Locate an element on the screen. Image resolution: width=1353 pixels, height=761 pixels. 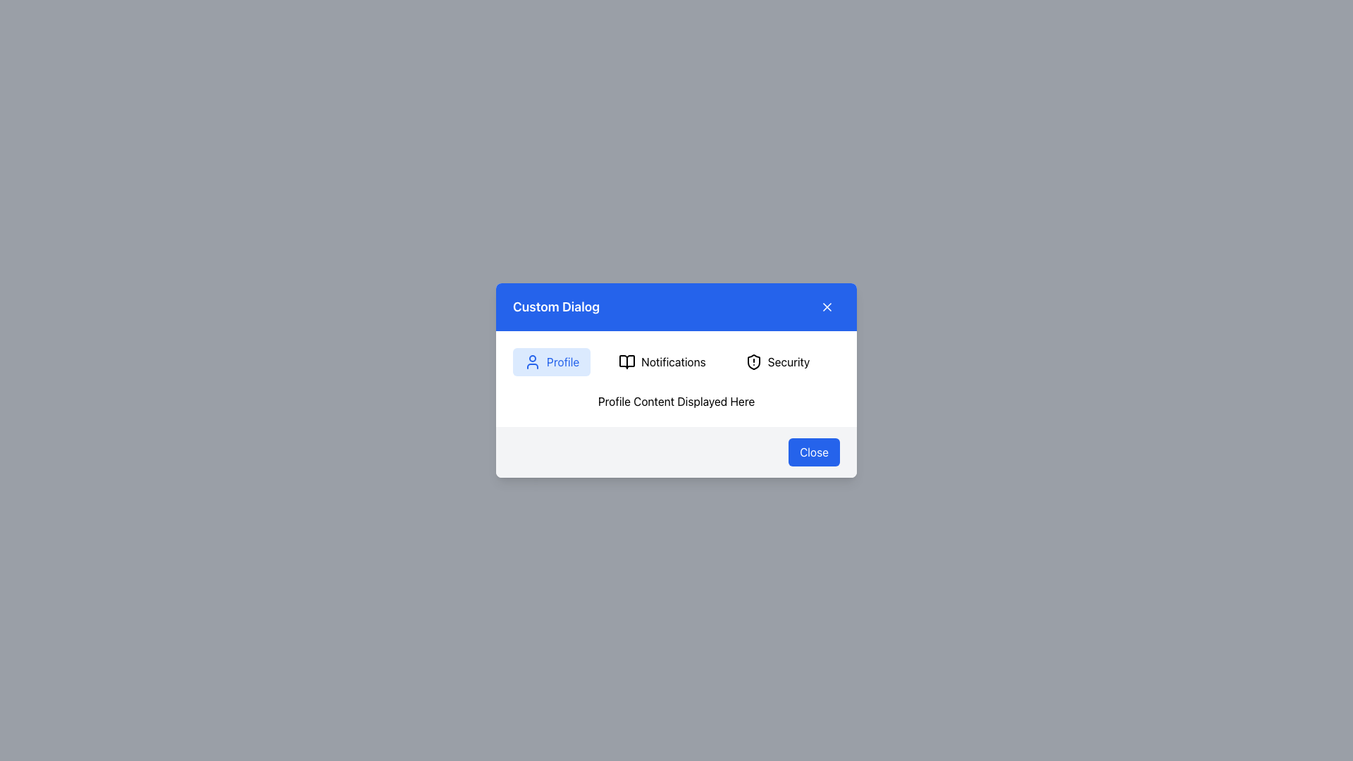
the security icon located at the top of the dialog content is located at coordinates (753, 361).